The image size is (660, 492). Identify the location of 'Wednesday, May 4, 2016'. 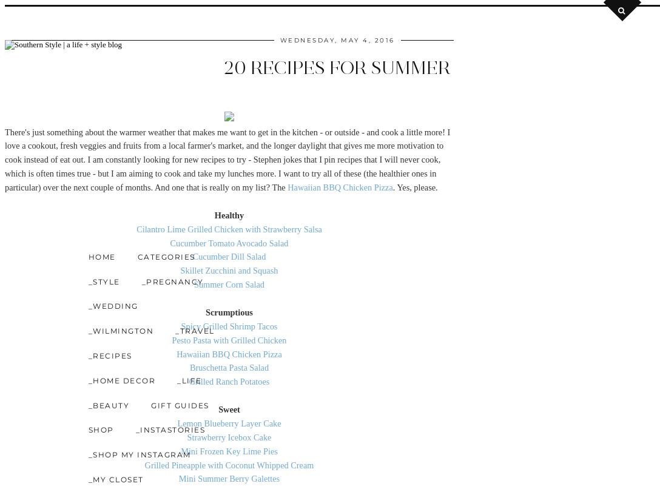
(278, 40).